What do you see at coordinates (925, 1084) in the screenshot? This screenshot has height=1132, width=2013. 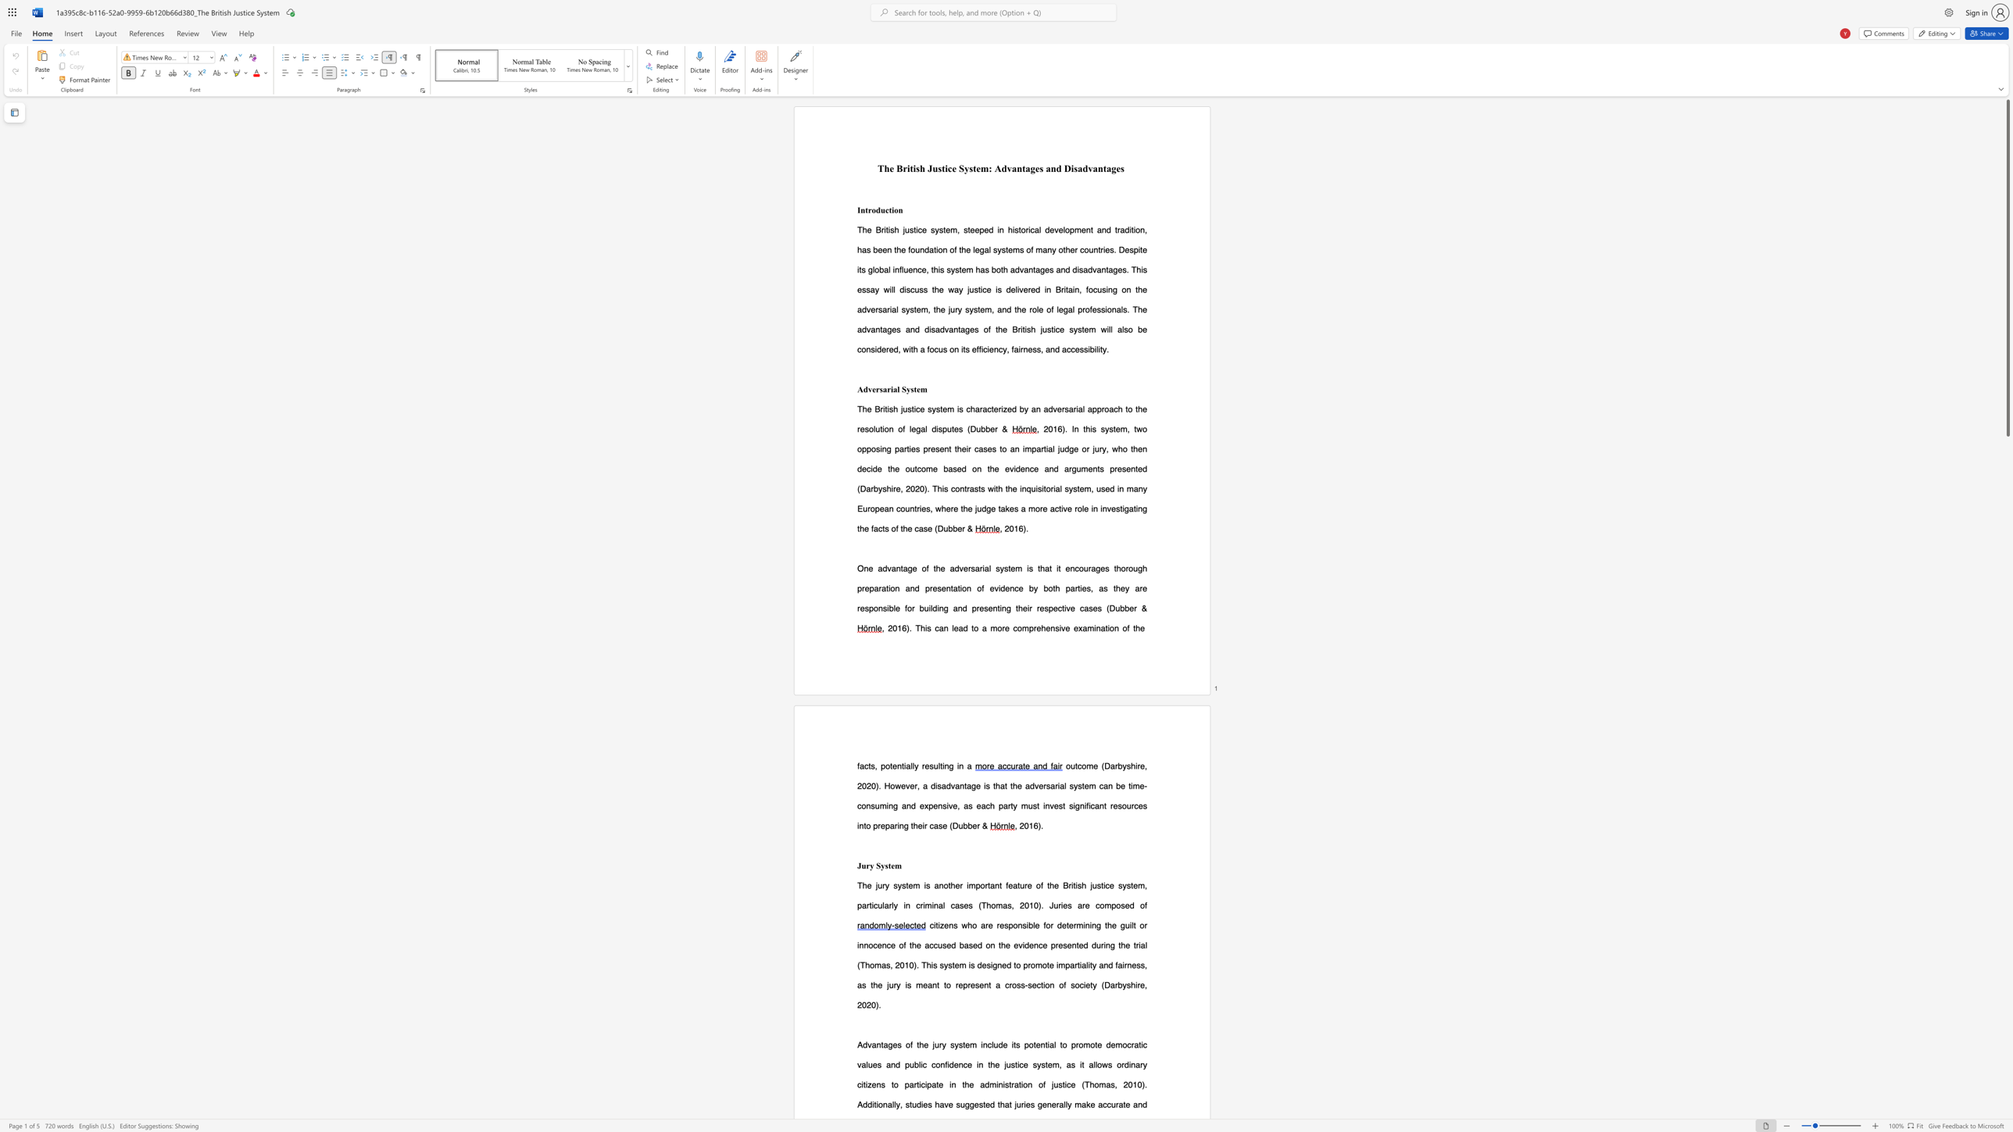 I see `the 2th character "i" in the text` at bounding box center [925, 1084].